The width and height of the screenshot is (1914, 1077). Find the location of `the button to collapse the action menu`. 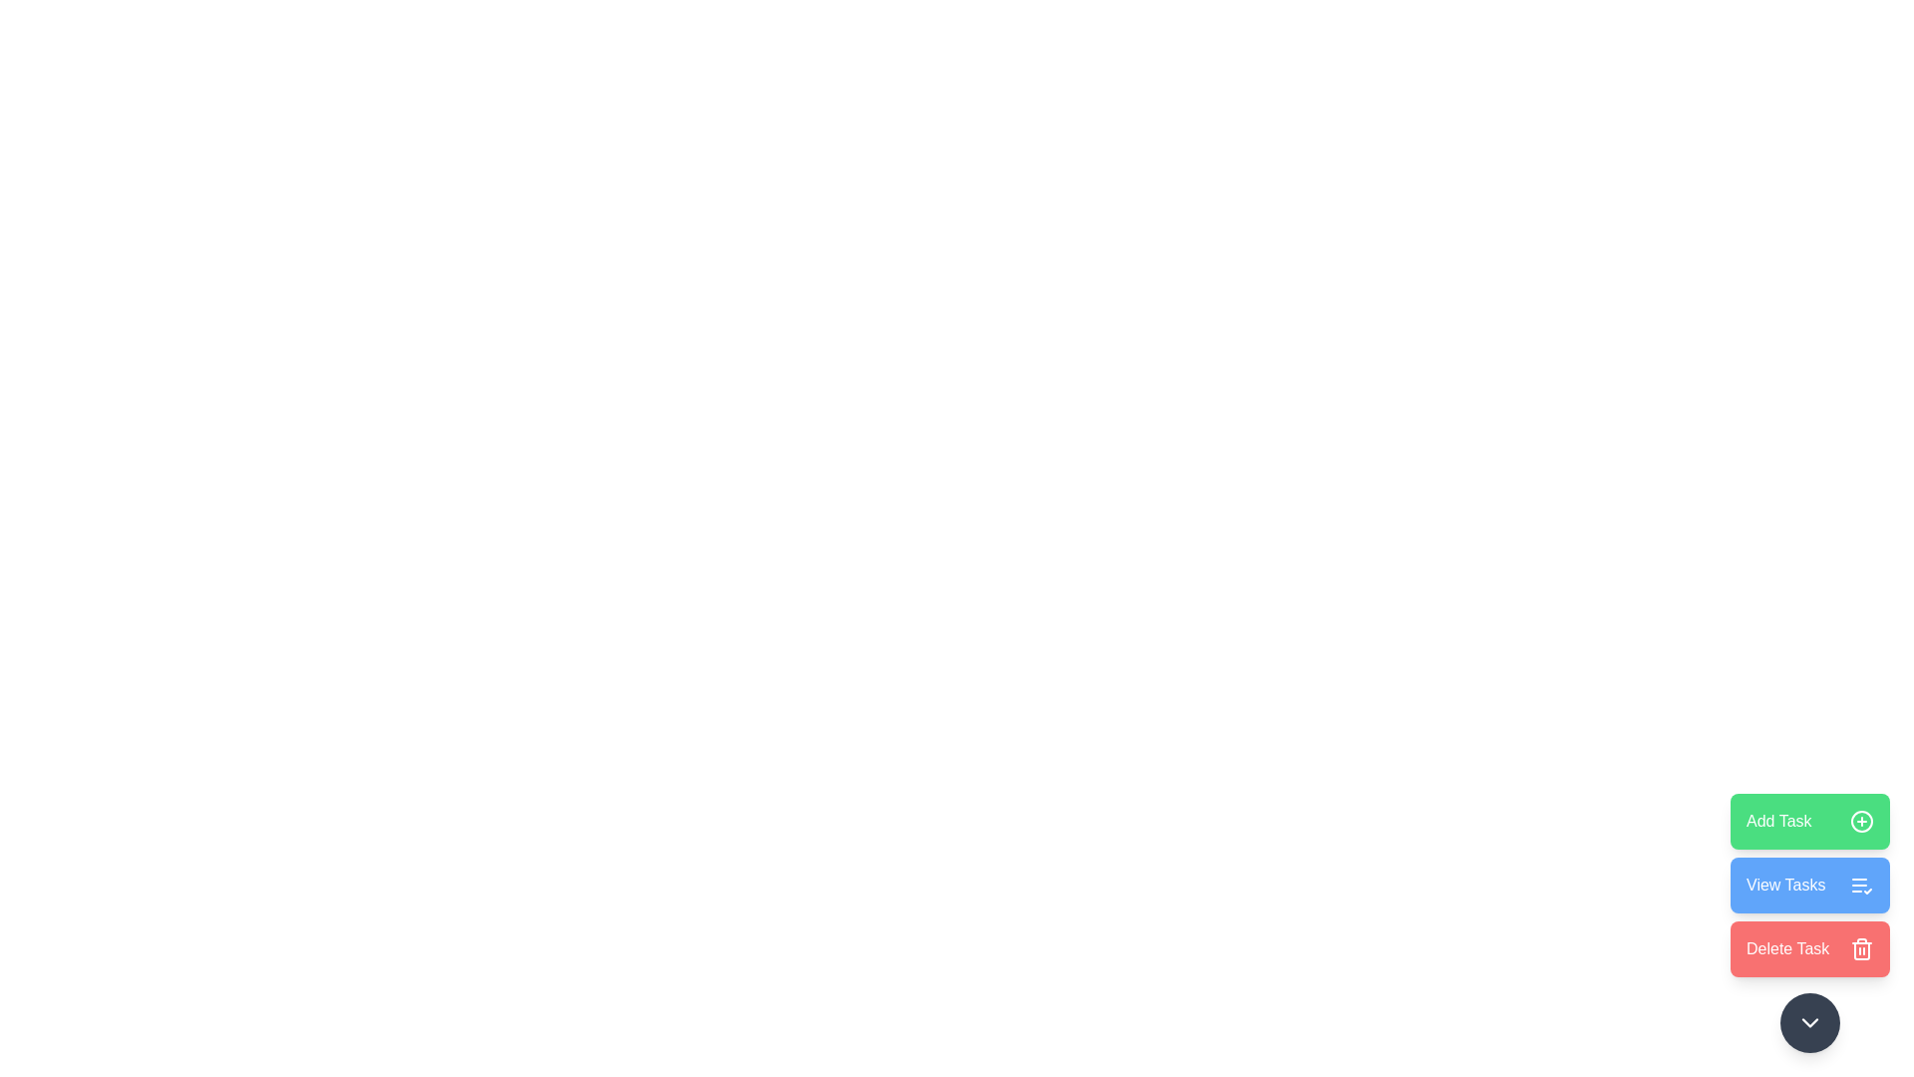

the button to collapse the action menu is located at coordinates (1809, 1023).